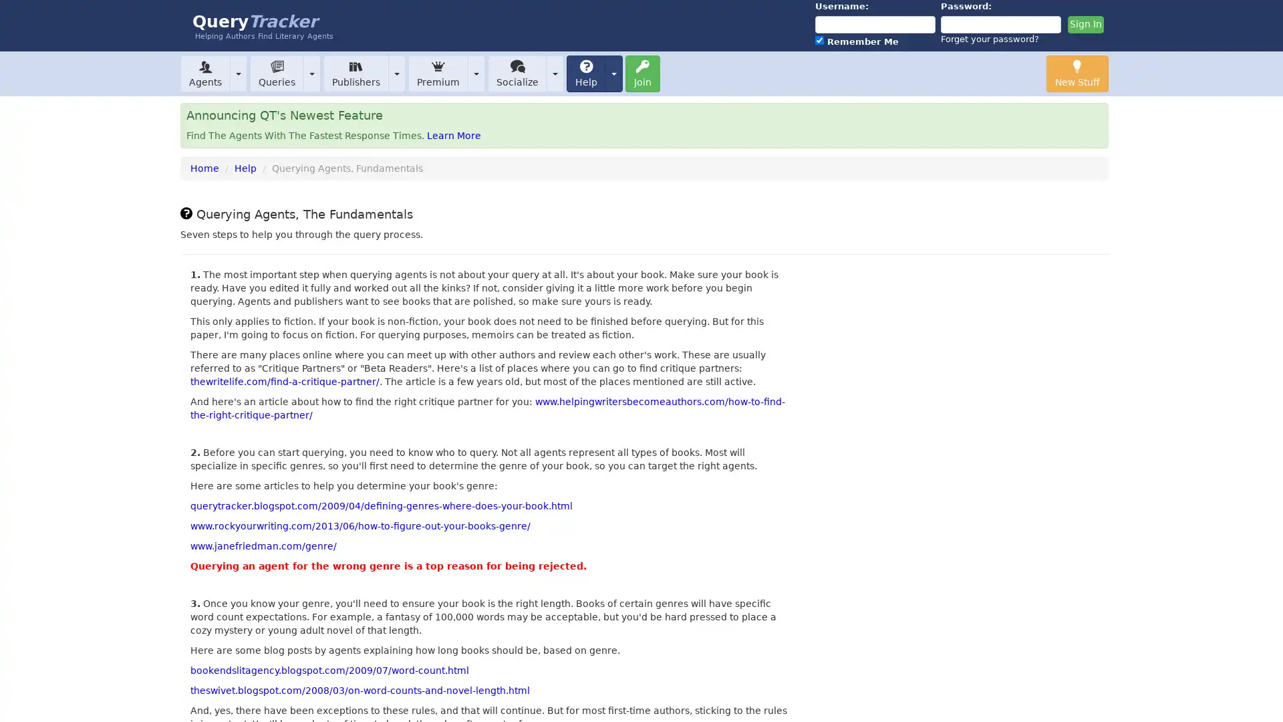  I want to click on Toggle Dropdown, so click(238, 73).